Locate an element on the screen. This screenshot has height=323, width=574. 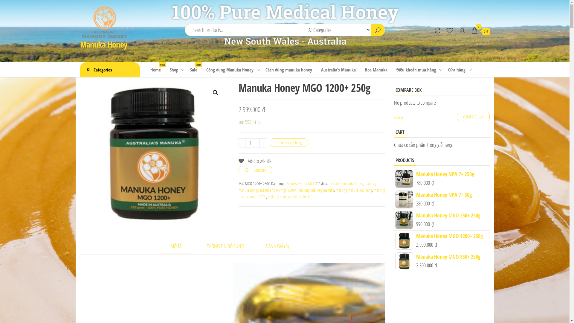
'manuka honey' is located at coordinates (248, 190).